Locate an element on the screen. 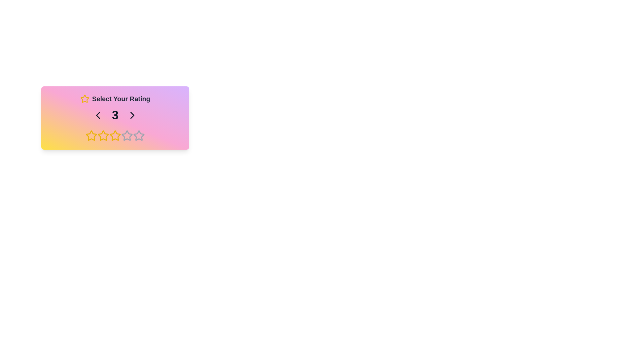  the third star icon in the rating system is located at coordinates (103, 135).